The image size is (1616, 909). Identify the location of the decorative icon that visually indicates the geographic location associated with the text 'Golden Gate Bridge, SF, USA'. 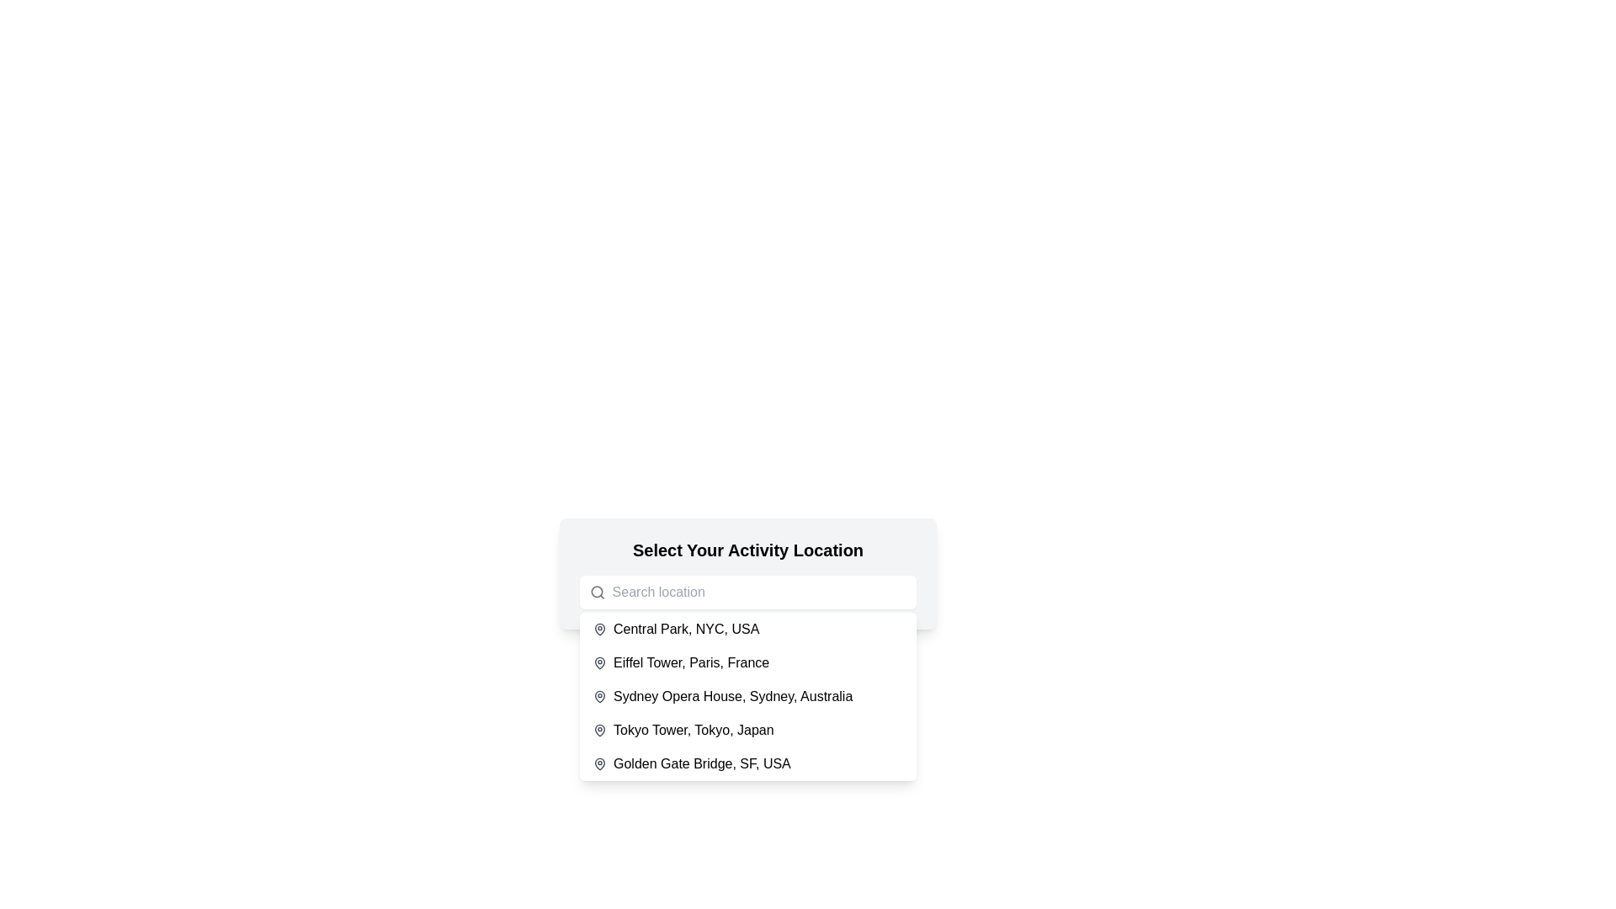
(600, 763).